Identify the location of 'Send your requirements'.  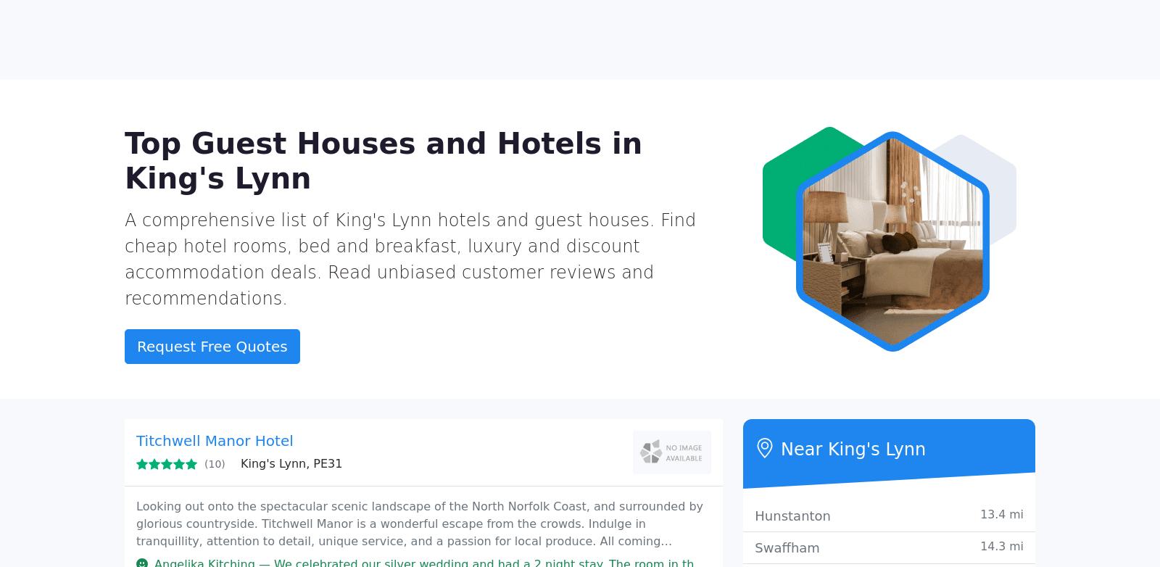
(919, 62).